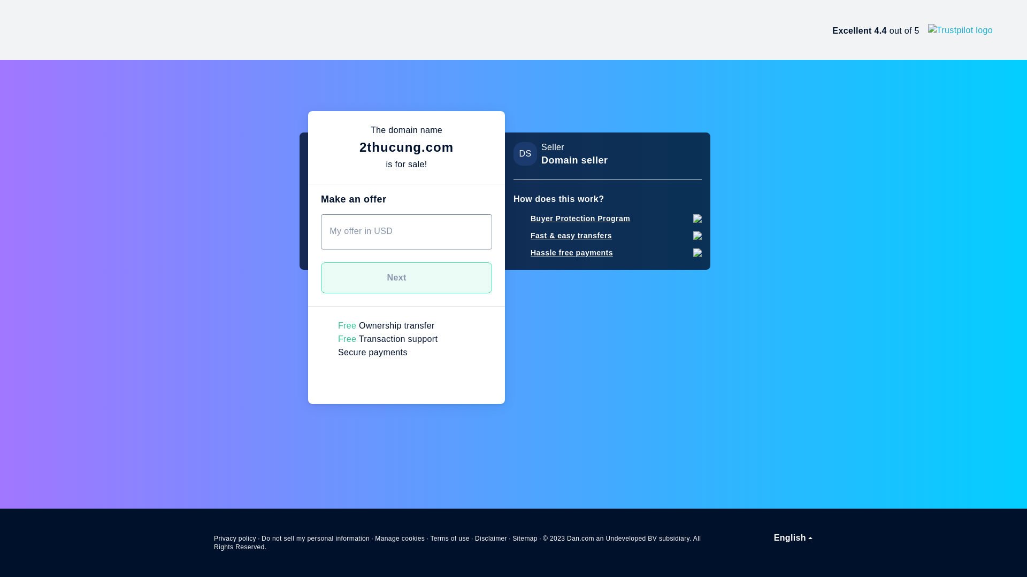  I want to click on 'Next, so click(405, 277).